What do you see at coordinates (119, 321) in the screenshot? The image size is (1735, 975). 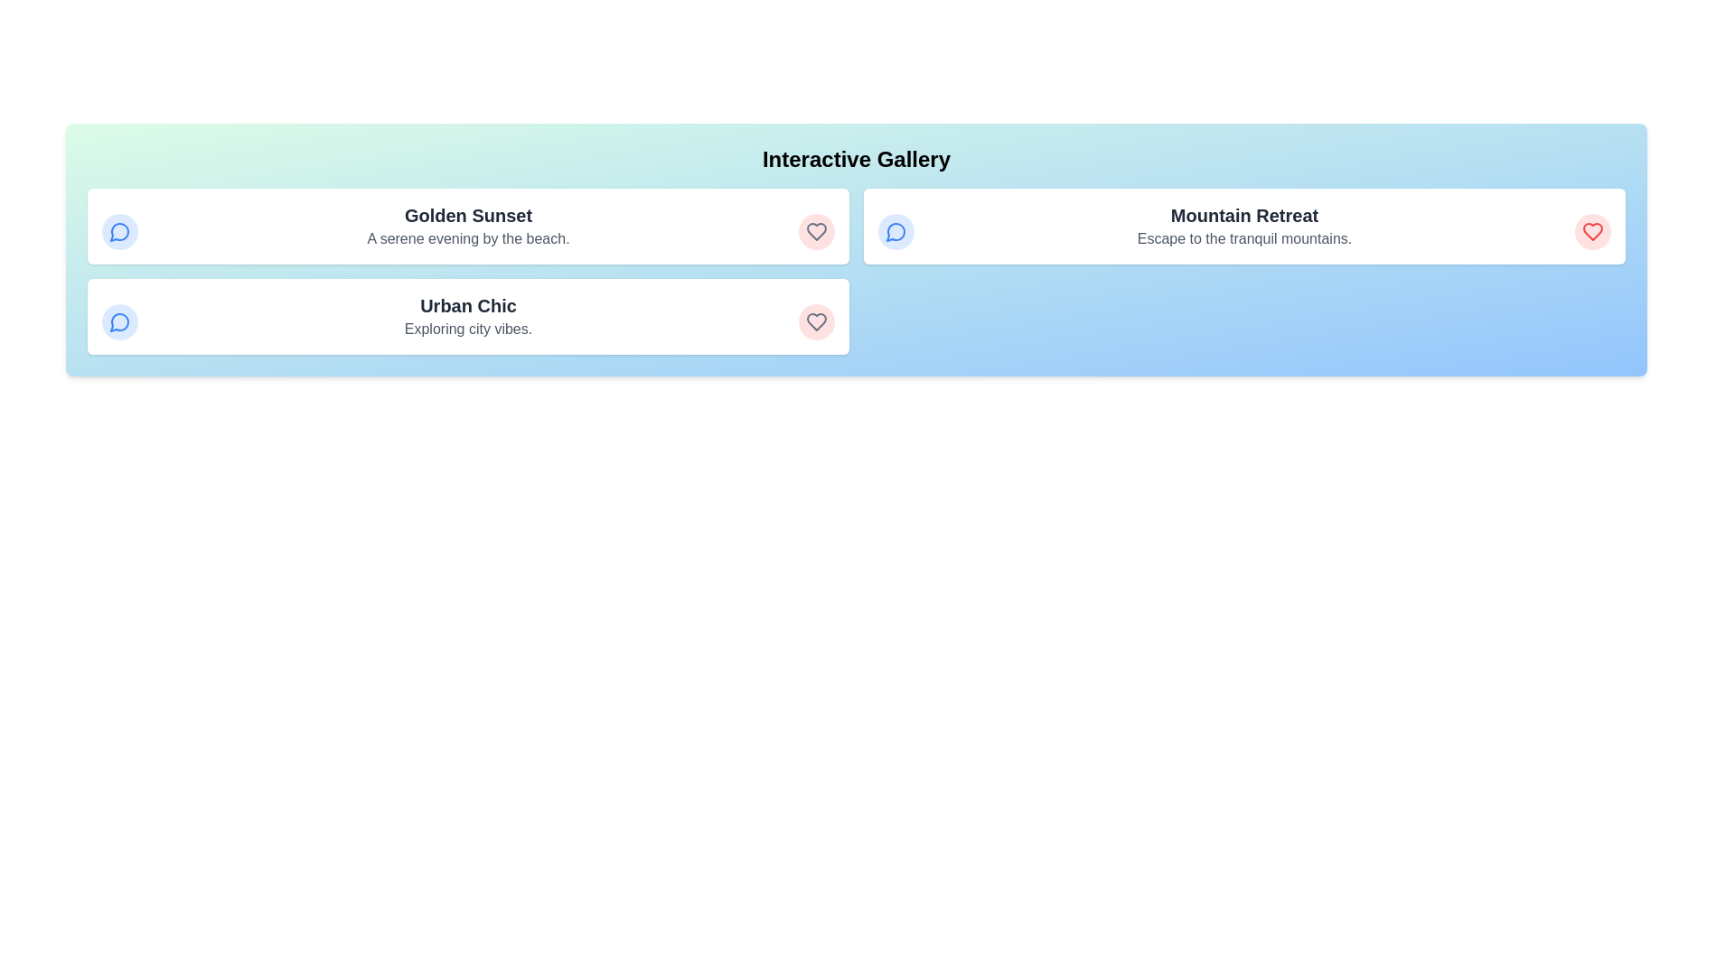 I see `the message icon for the item titled Urban Chic` at bounding box center [119, 321].